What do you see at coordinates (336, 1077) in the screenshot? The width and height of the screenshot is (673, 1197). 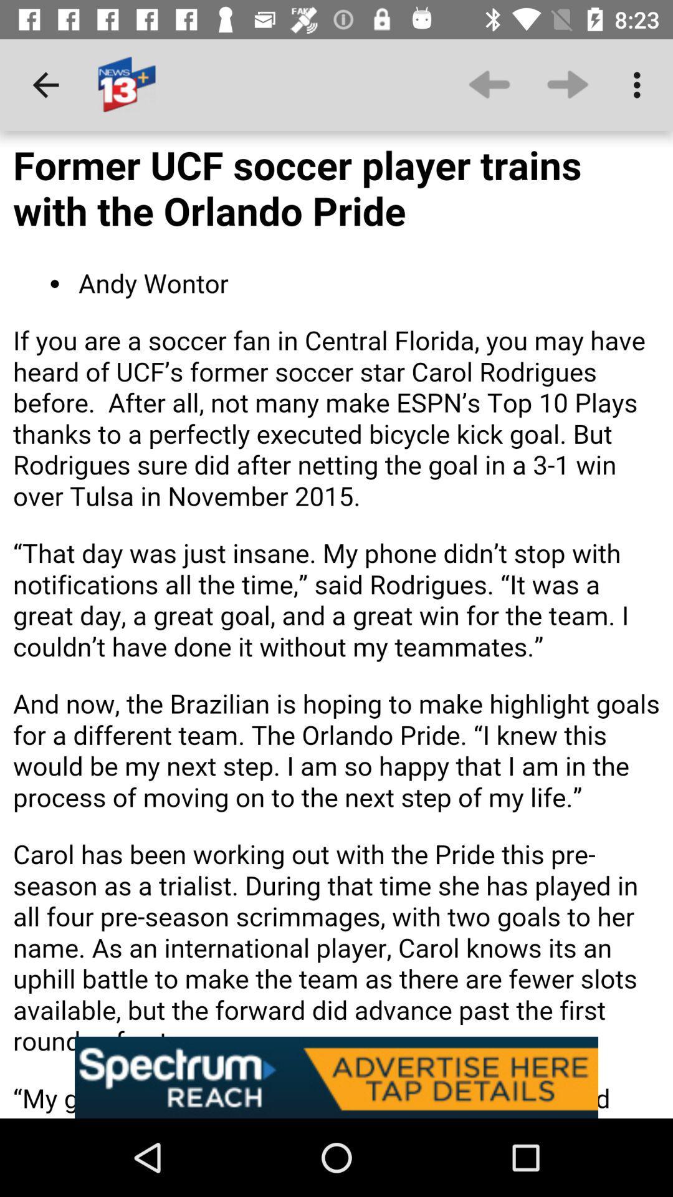 I see `advertising site` at bounding box center [336, 1077].